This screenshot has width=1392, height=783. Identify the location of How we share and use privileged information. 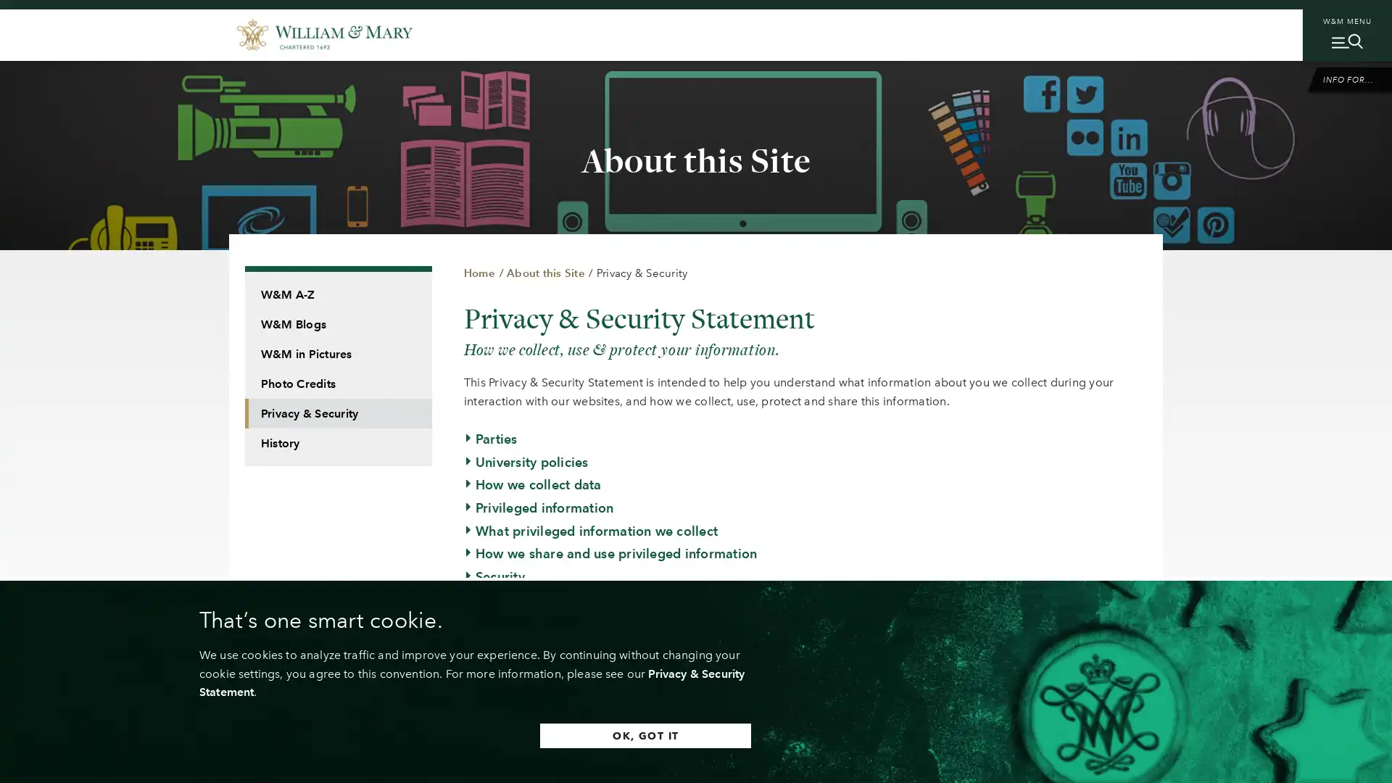
(610, 553).